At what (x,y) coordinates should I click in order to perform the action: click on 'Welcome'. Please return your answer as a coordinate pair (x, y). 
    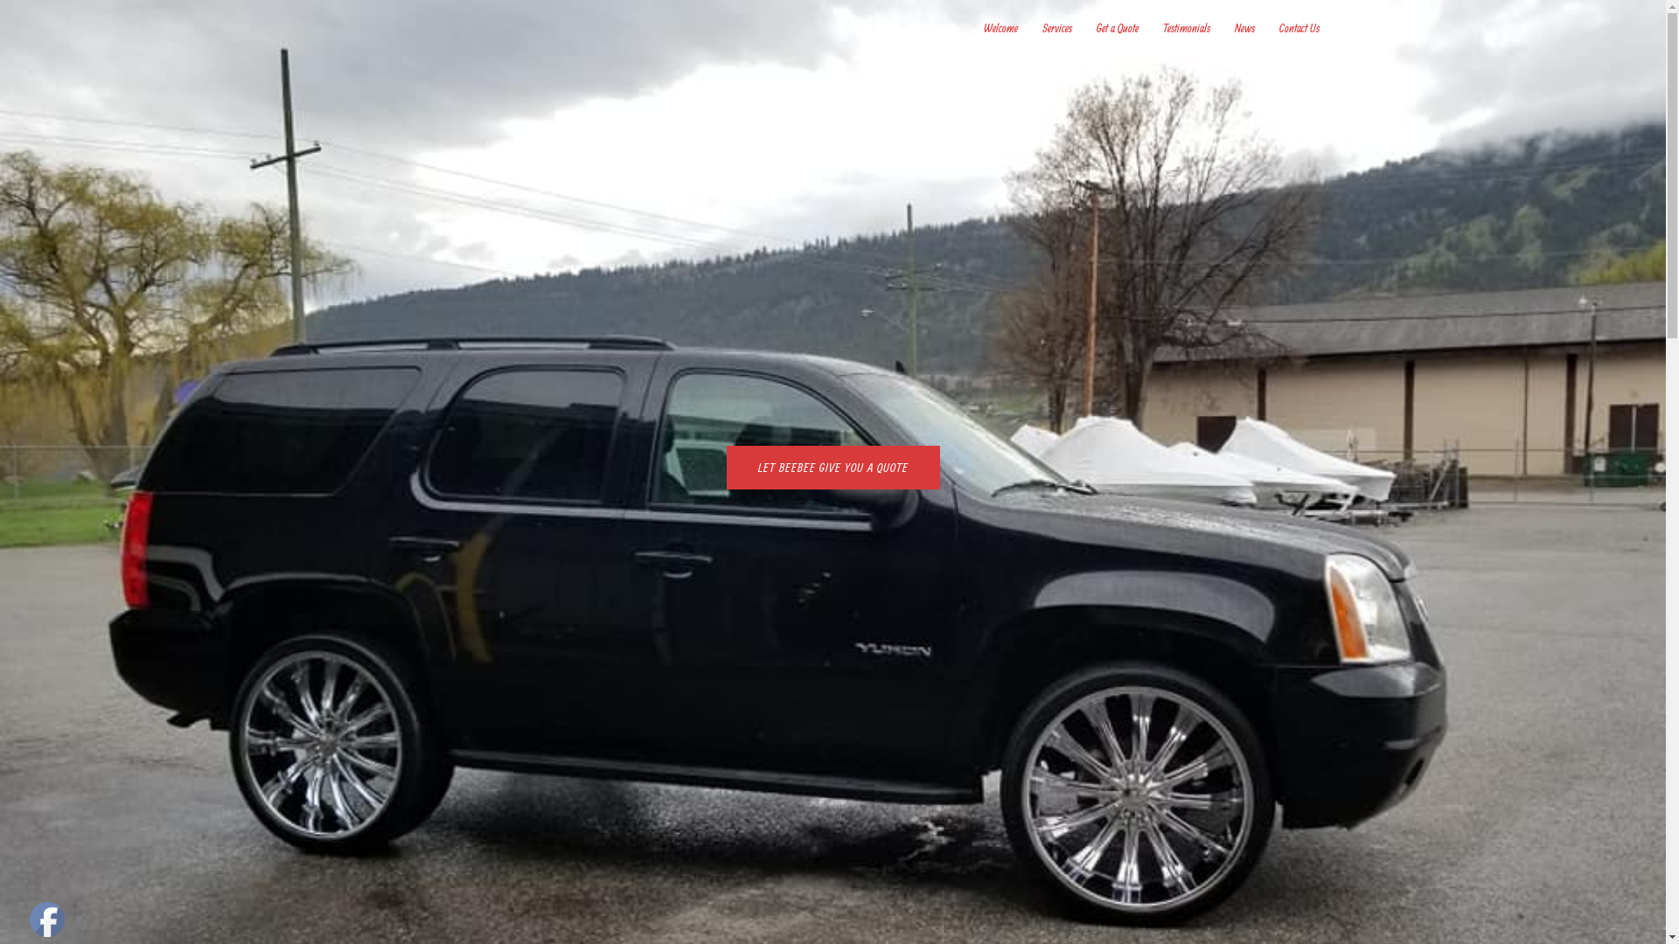
    Looking at the image, I should click on (982, 29).